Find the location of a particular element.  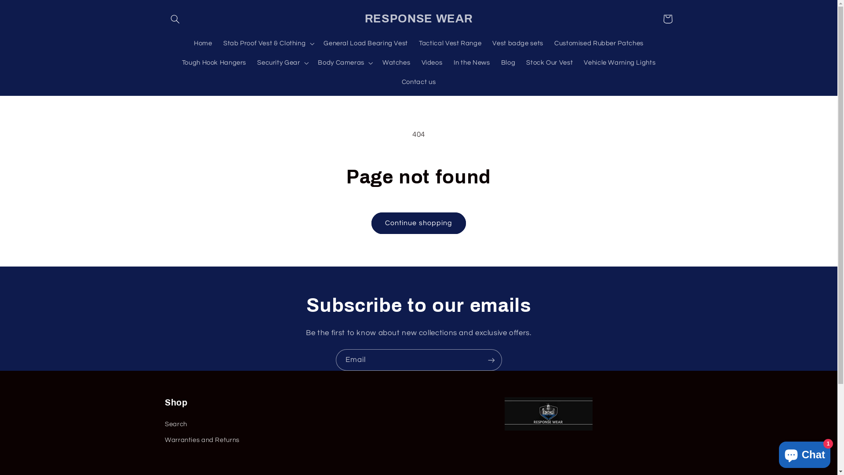

'Warranties and Returns' is located at coordinates (202, 440).